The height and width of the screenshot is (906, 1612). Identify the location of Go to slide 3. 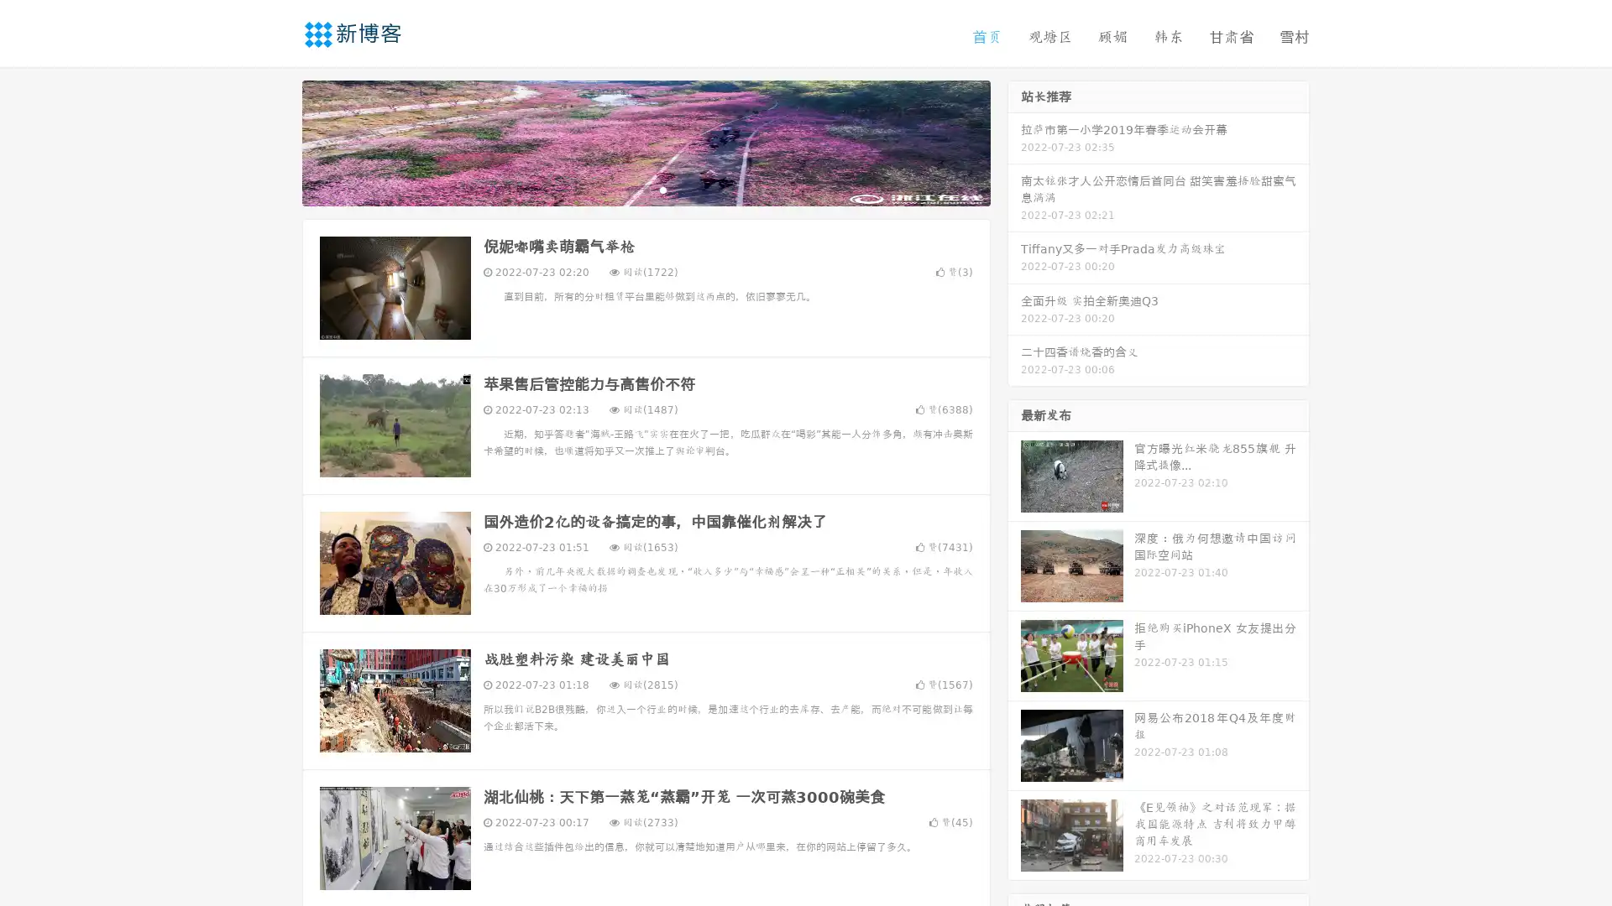
(662, 189).